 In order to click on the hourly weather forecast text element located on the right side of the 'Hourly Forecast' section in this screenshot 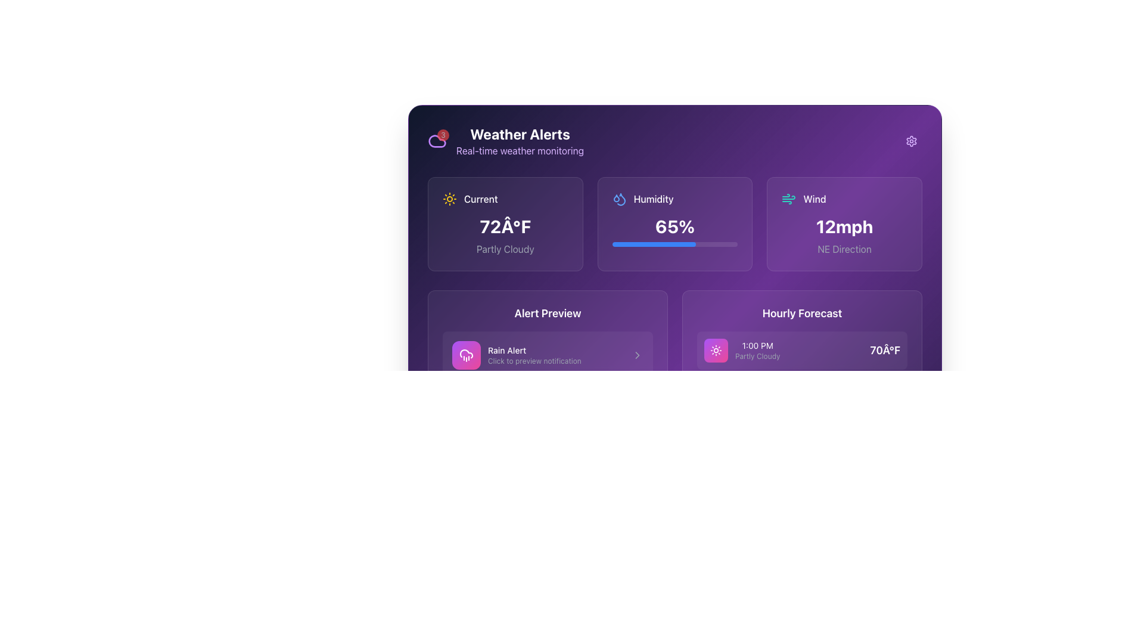, I will do `click(741, 349)`.